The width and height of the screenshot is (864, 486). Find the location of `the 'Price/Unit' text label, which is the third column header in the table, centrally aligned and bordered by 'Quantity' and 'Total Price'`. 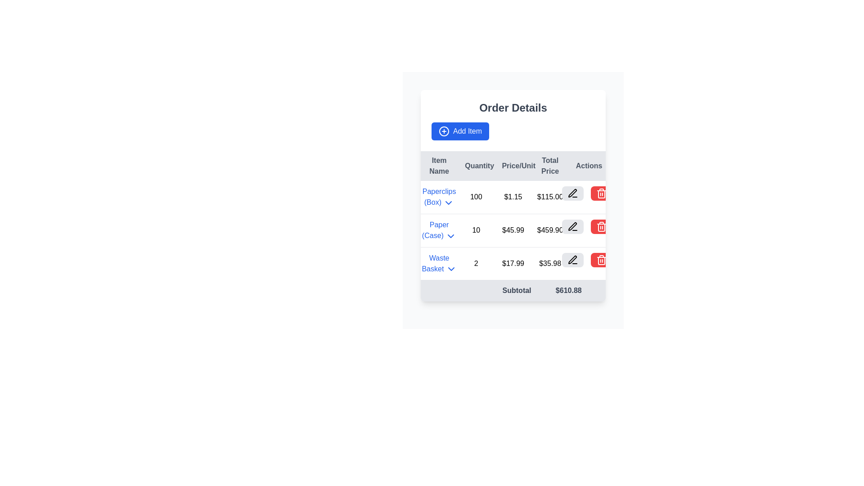

the 'Price/Unit' text label, which is the third column header in the table, centrally aligned and bordered by 'Quantity' and 'Total Price' is located at coordinates (513, 166).